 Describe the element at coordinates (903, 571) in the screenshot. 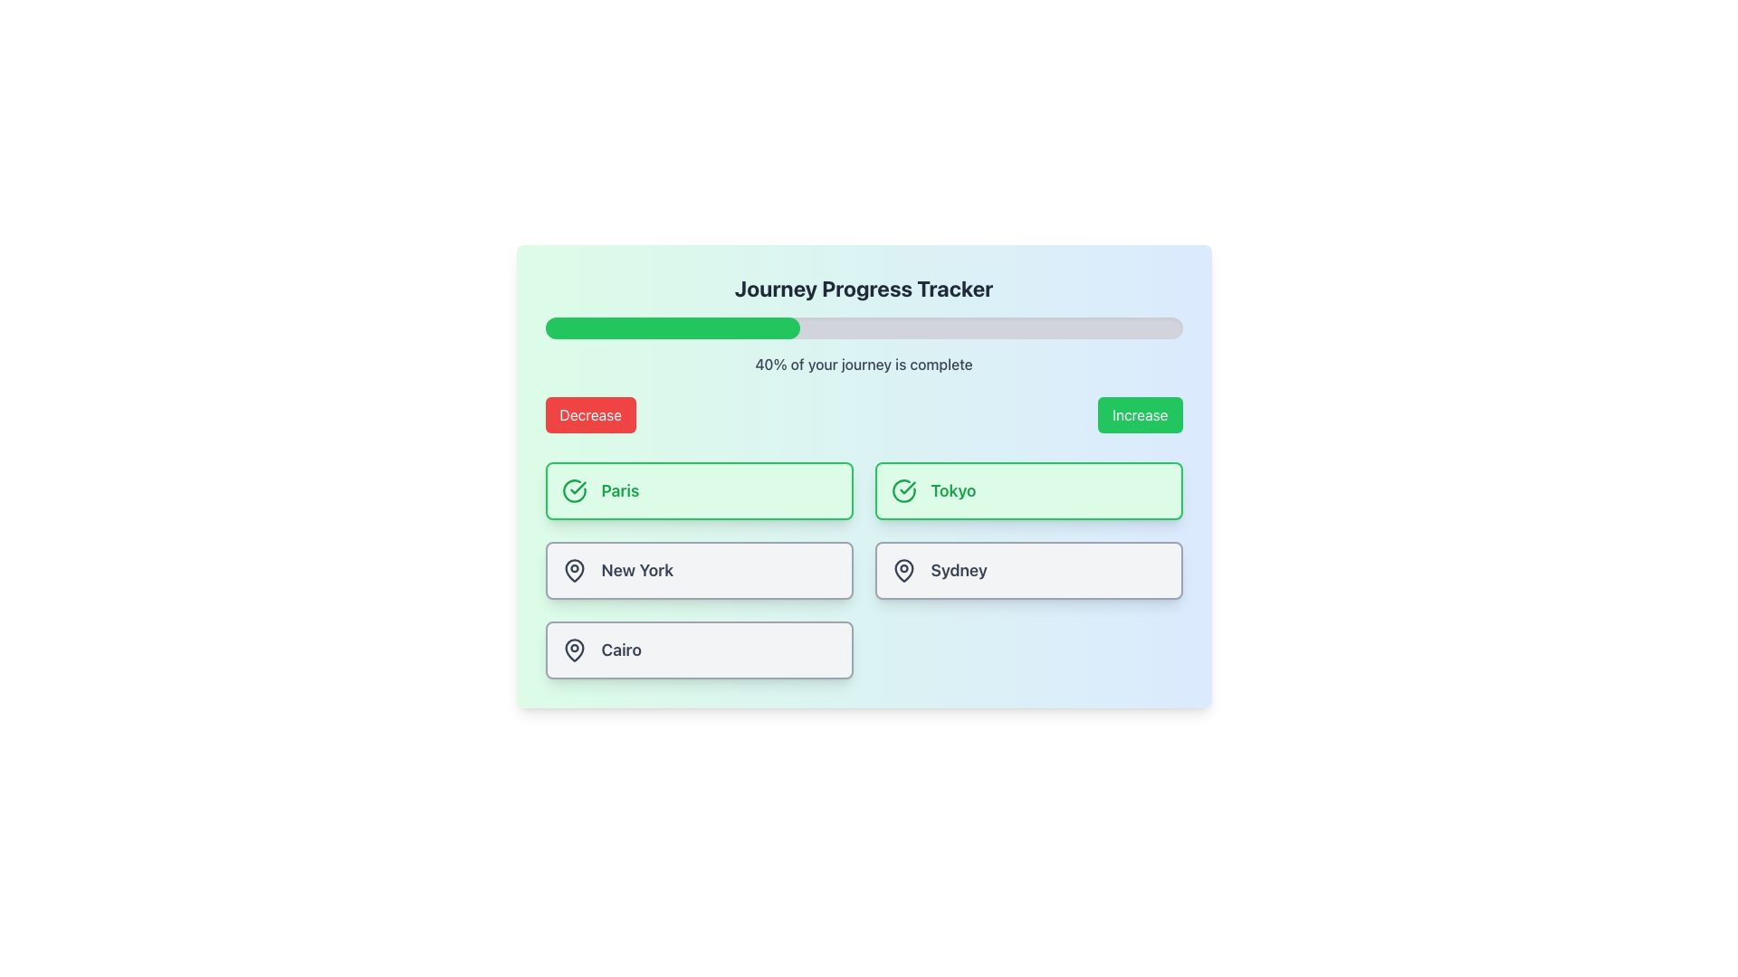

I see `the map pin icon located to the left of the text 'Sydney' on the card in the lower-right section of the interface` at that location.